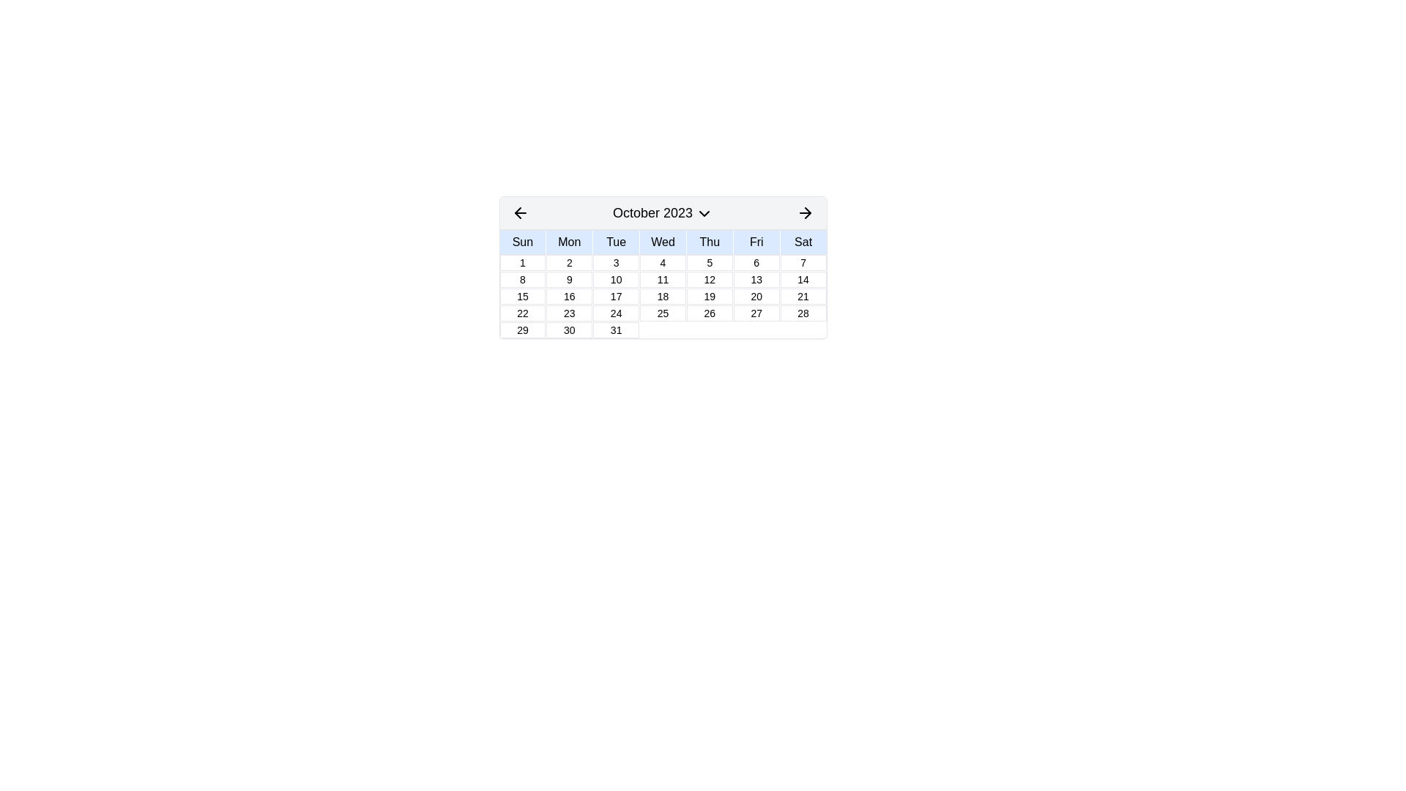 This screenshot has height=791, width=1406. Describe the element at coordinates (522, 330) in the screenshot. I see `the Calendar Day Cell representing the 29th day of the month` at that location.